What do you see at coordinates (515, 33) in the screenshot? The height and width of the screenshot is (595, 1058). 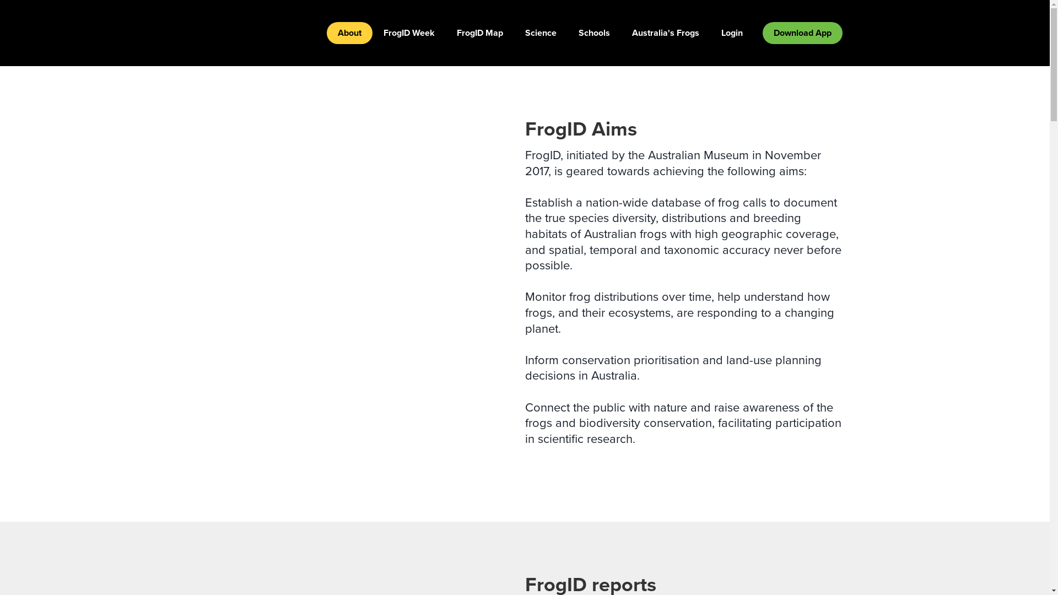 I see `'Science'` at bounding box center [515, 33].